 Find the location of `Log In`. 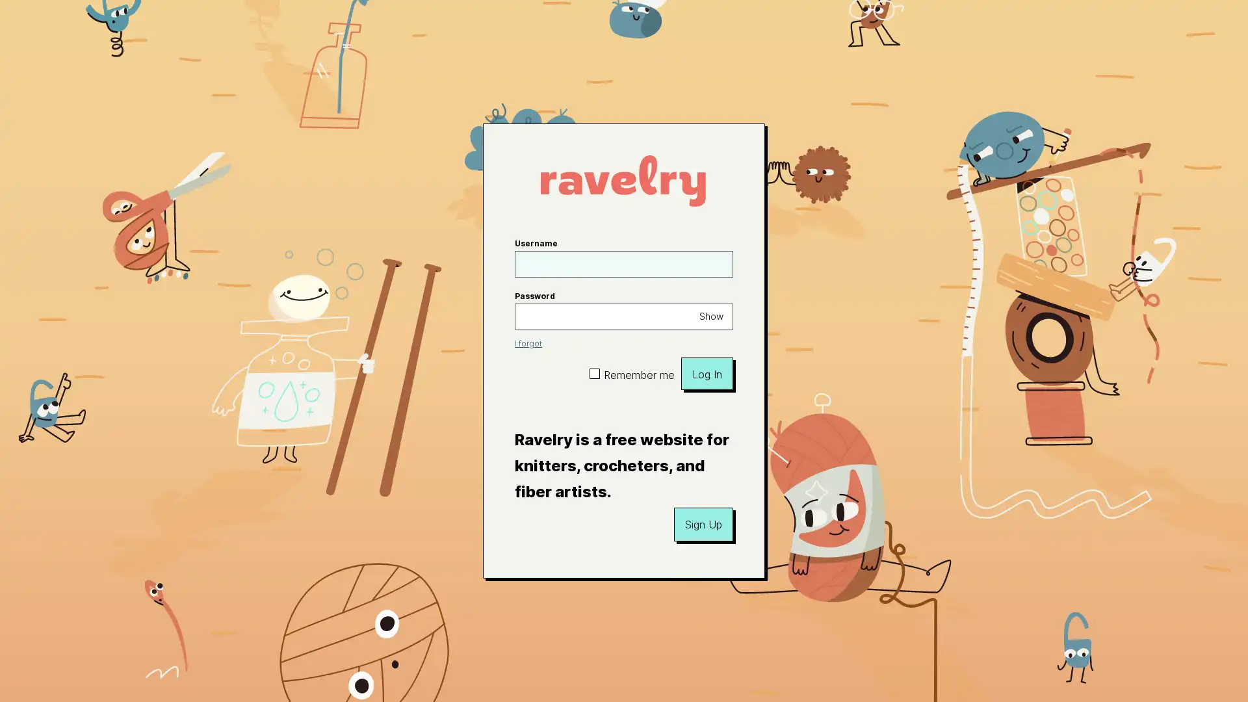

Log In is located at coordinates (707, 373).